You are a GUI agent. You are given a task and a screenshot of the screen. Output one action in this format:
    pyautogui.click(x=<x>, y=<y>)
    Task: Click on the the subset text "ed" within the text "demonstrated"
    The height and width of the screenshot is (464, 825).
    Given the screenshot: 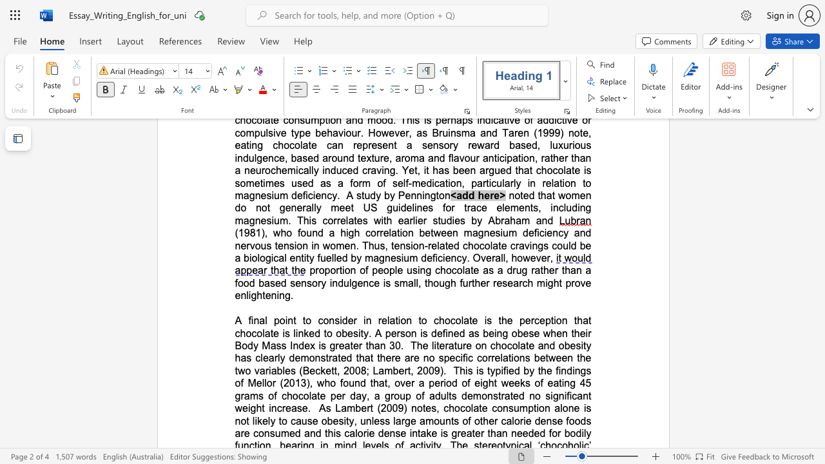 What is the action you would take?
    pyautogui.click(x=512, y=395)
    